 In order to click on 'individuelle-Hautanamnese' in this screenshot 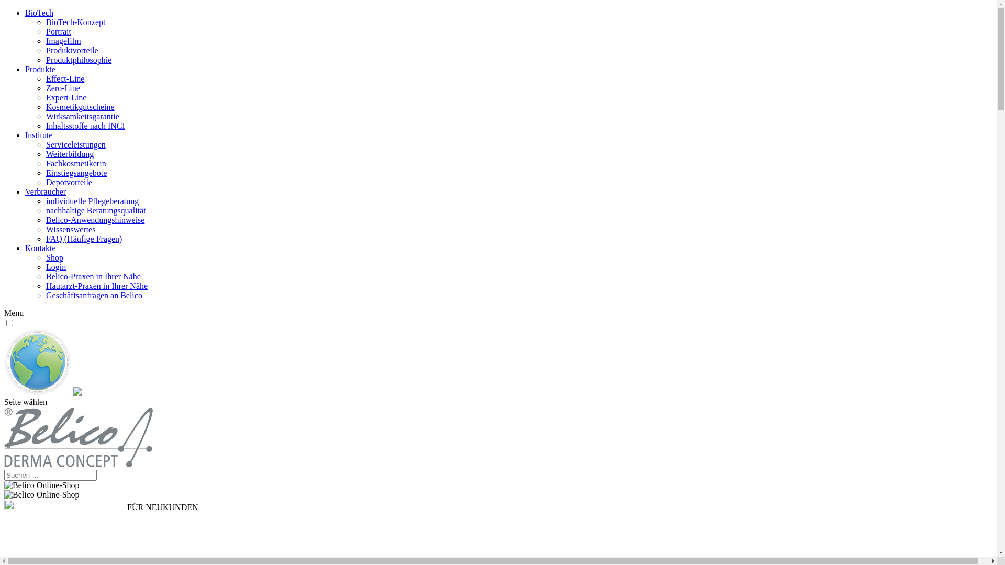, I will do `click(42, 485)`.